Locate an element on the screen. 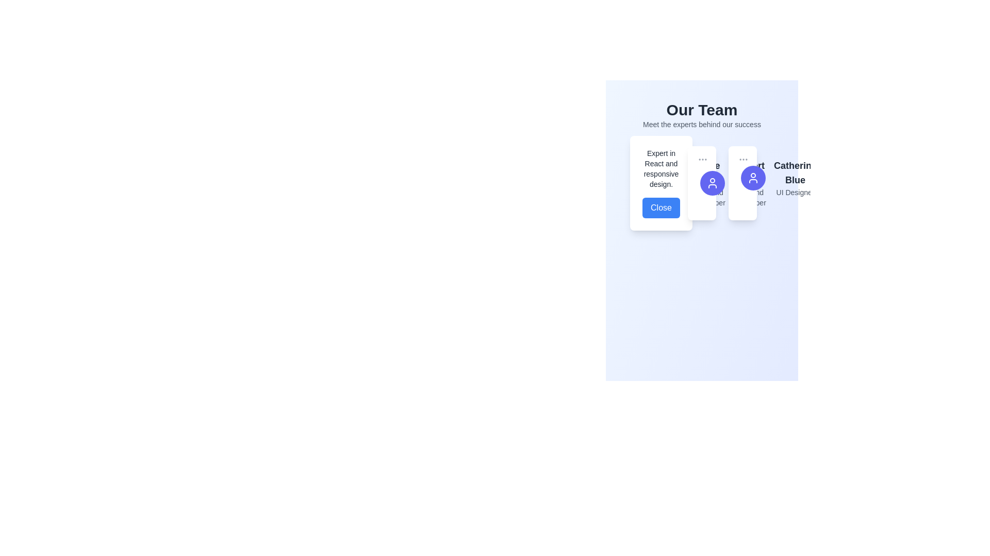 The image size is (990, 556). the 'Close' button with a blue background and rounded corners to change its styling is located at coordinates (661, 208).